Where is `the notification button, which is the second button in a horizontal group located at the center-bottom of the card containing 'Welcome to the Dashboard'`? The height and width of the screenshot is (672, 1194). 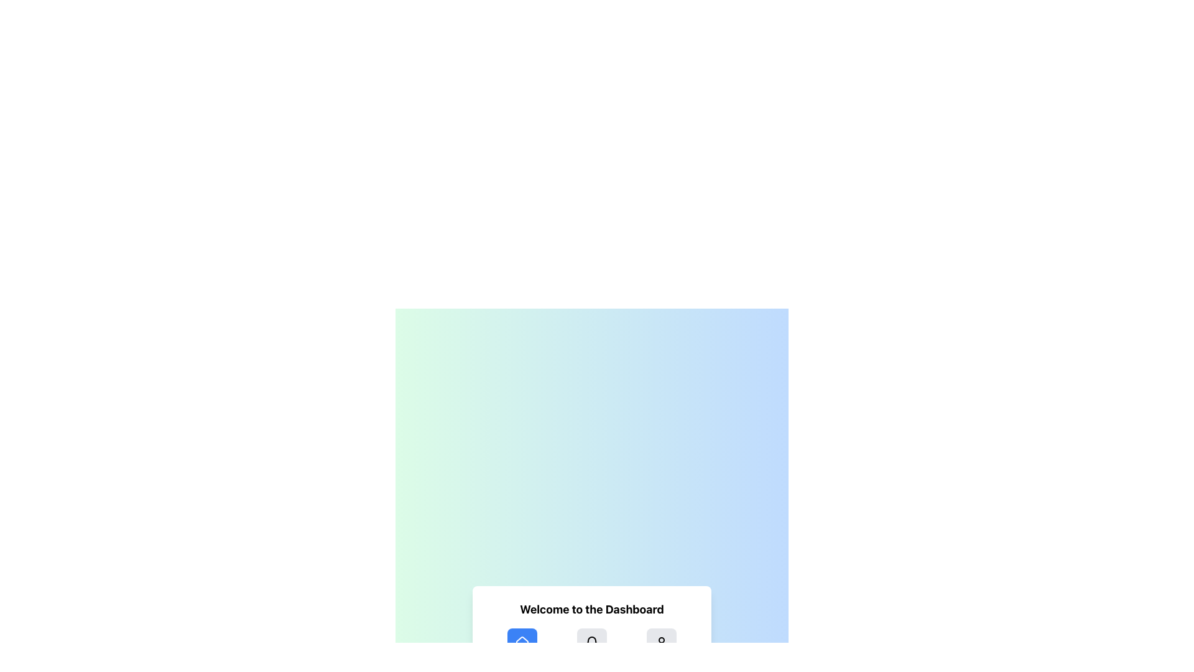 the notification button, which is the second button in a horizontal group located at the center-bottom of the card containing 'Welcome to the Dashboard' is located at coordinates (591, 643).